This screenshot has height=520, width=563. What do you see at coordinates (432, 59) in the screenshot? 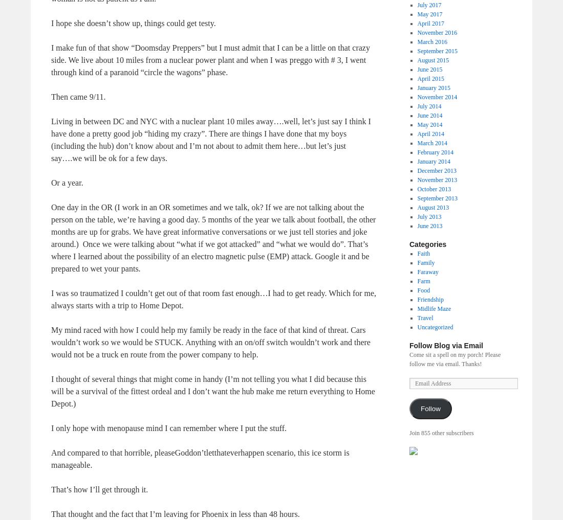
I see `'August 2015'` at bounding box center [432, 59].